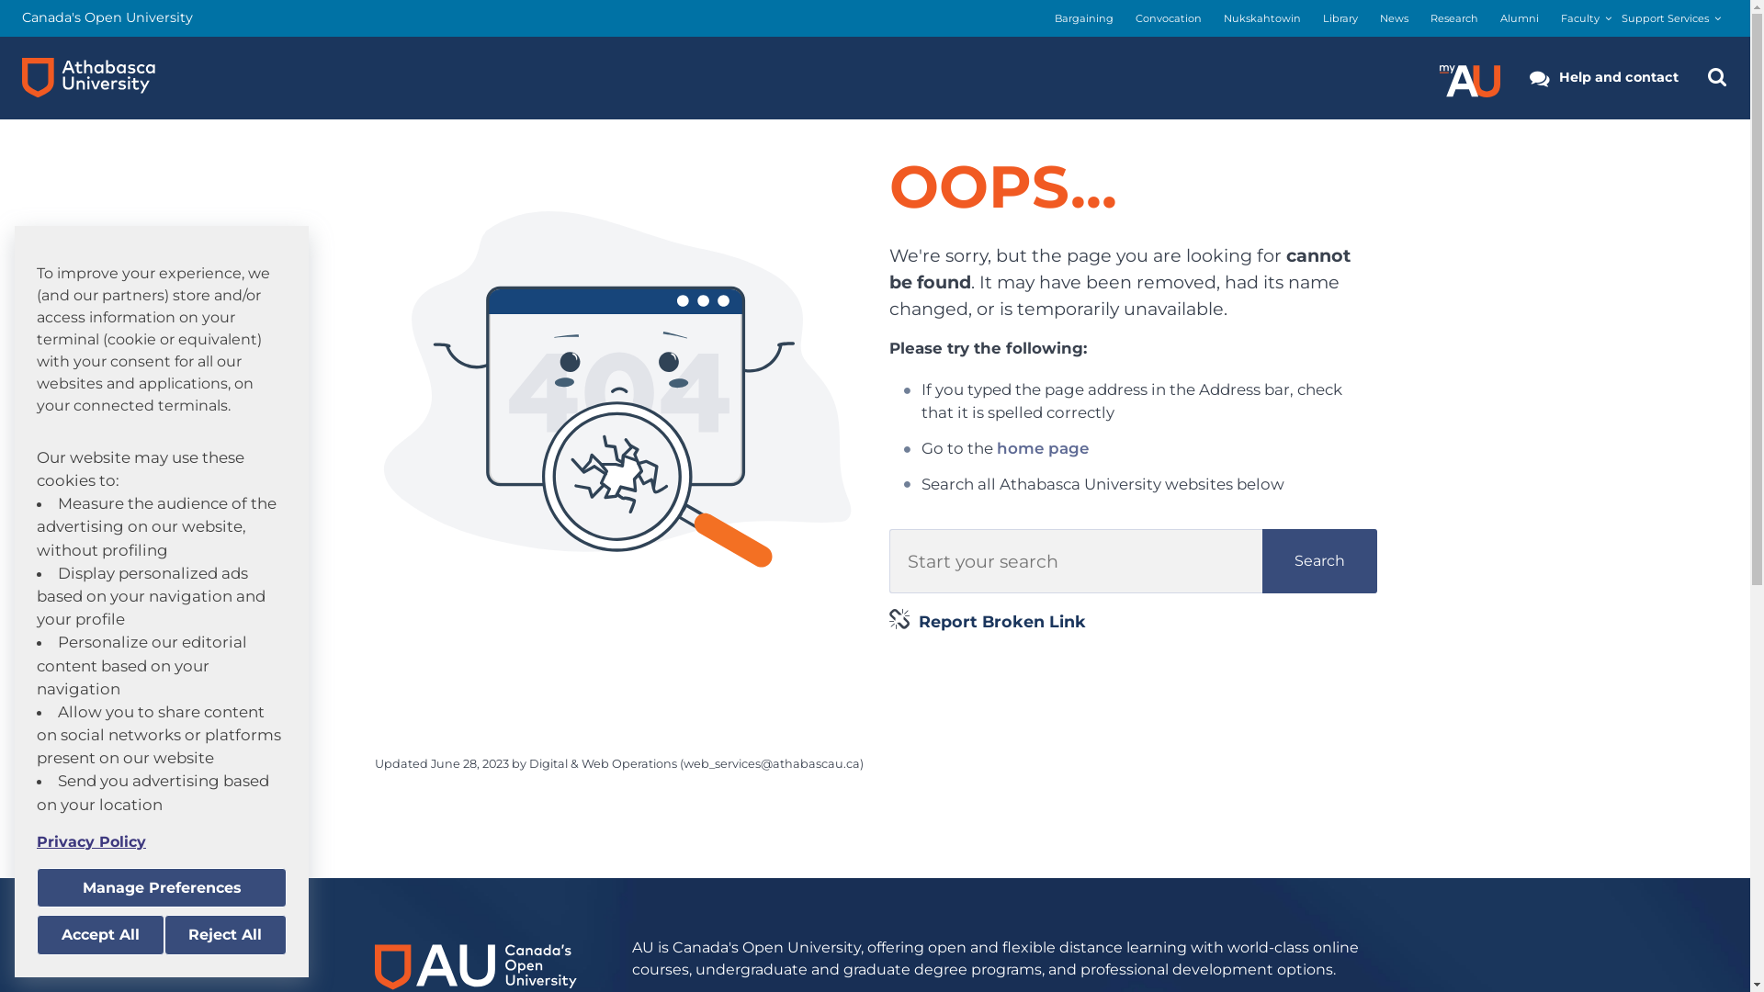 This screenshot has height=992, width=1764. What do you see at coordinates (1394, 18) in the screenshot?
I see `'News'` at bounding box center [1394, 18].